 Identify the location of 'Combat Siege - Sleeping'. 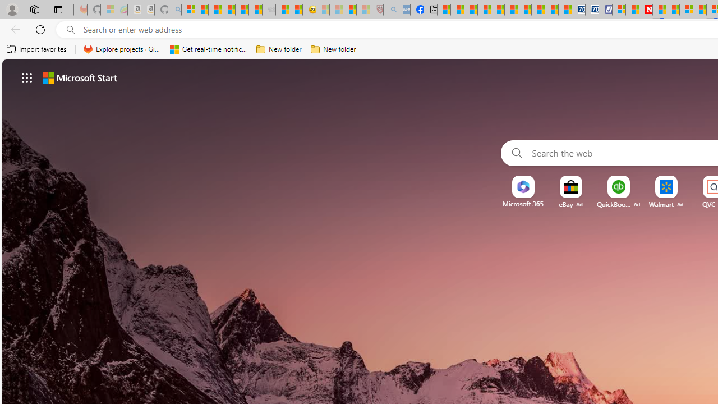
(269, 10).